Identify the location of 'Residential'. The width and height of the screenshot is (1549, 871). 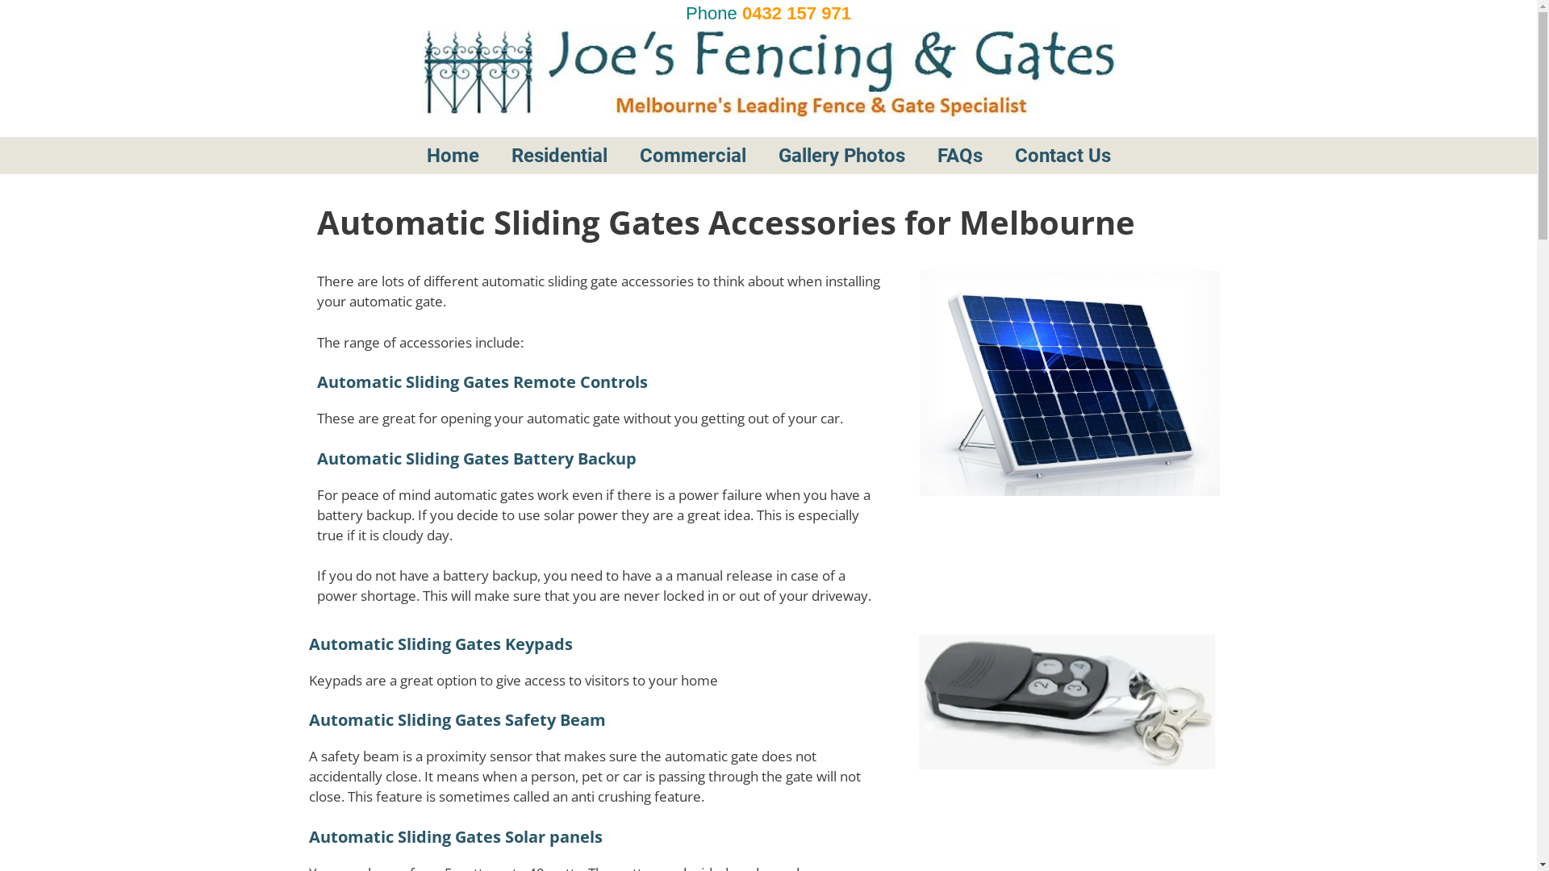
(591, 155).